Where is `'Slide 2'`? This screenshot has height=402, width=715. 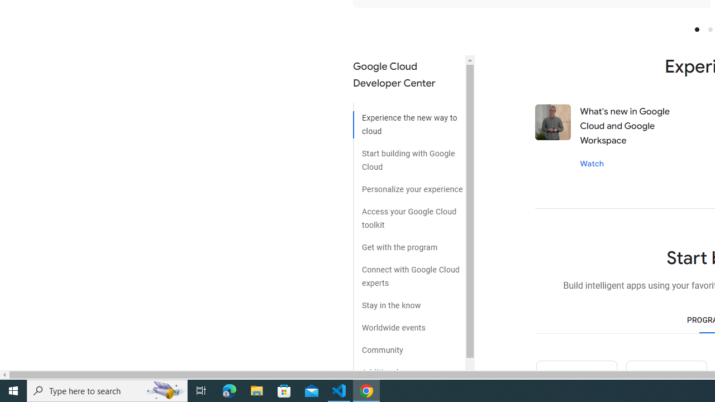
'Slide 2' is located at coordinates (709, 28).